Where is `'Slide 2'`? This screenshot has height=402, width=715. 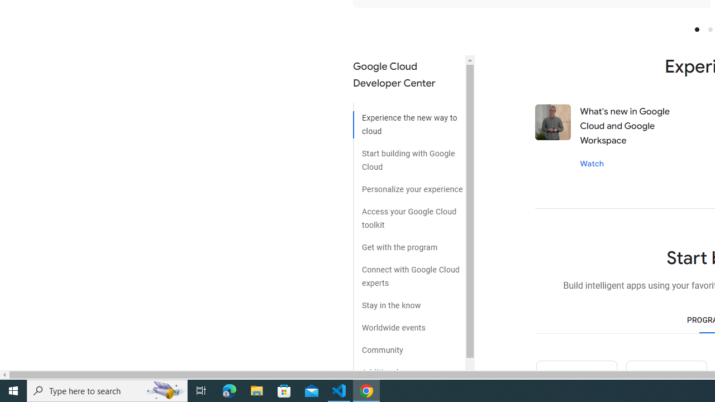
'Slide 2' is located at coordinates (709, 28).